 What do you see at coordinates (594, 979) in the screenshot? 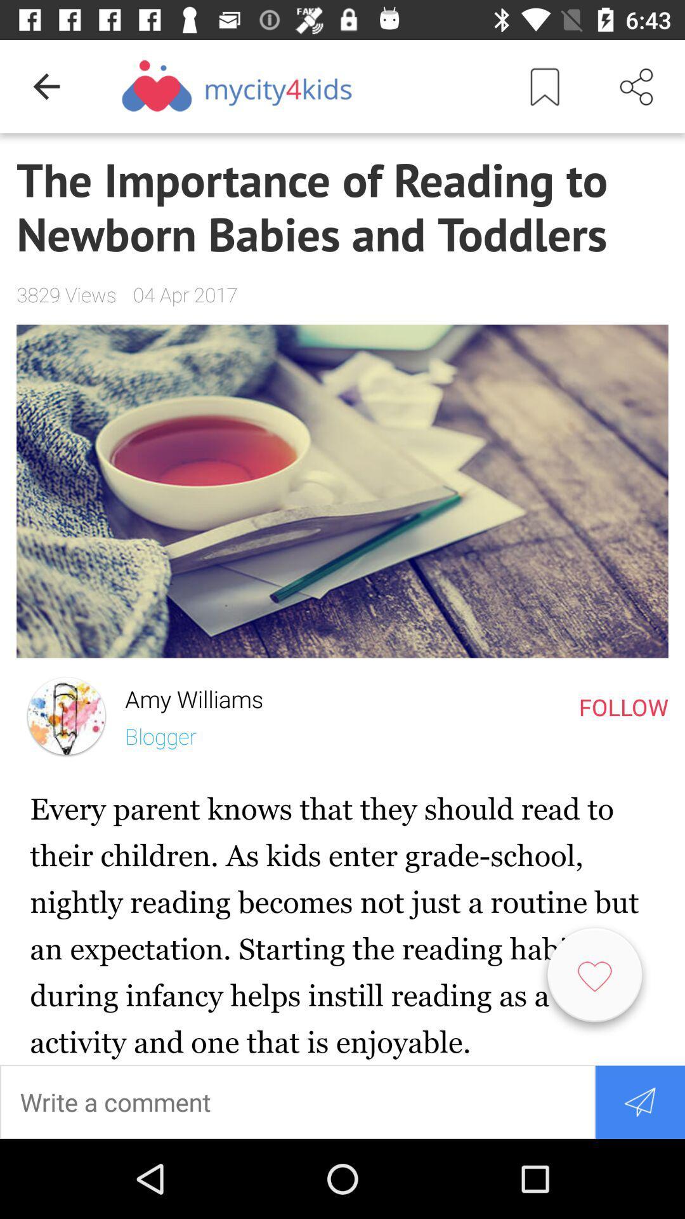
I see `like article` at bounding box center [594, 979].